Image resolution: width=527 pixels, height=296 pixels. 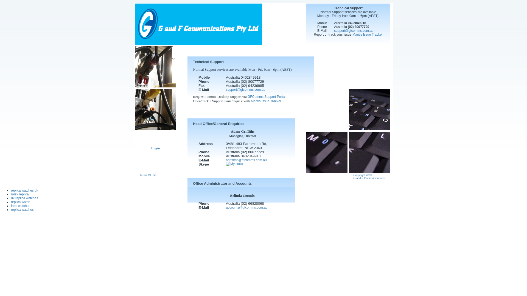 I want to click on 'Terms Of Use', so click(x=139, y=175).